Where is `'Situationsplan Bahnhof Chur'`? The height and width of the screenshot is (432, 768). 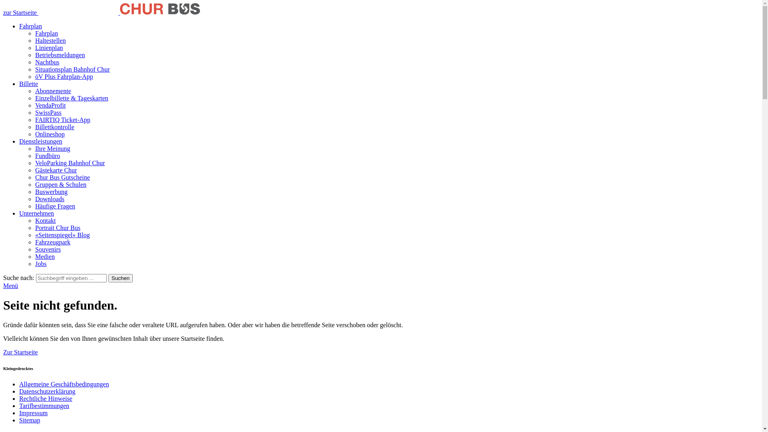
'Situationsplan Bahnhof Chur' is located at coordinates (72, 69).